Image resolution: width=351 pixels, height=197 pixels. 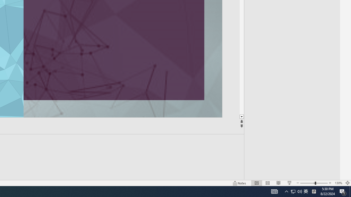 What do you see at coordinates (241, 117) in the screenshot?
I see `'Line down'` at bounding box center [241, 117].